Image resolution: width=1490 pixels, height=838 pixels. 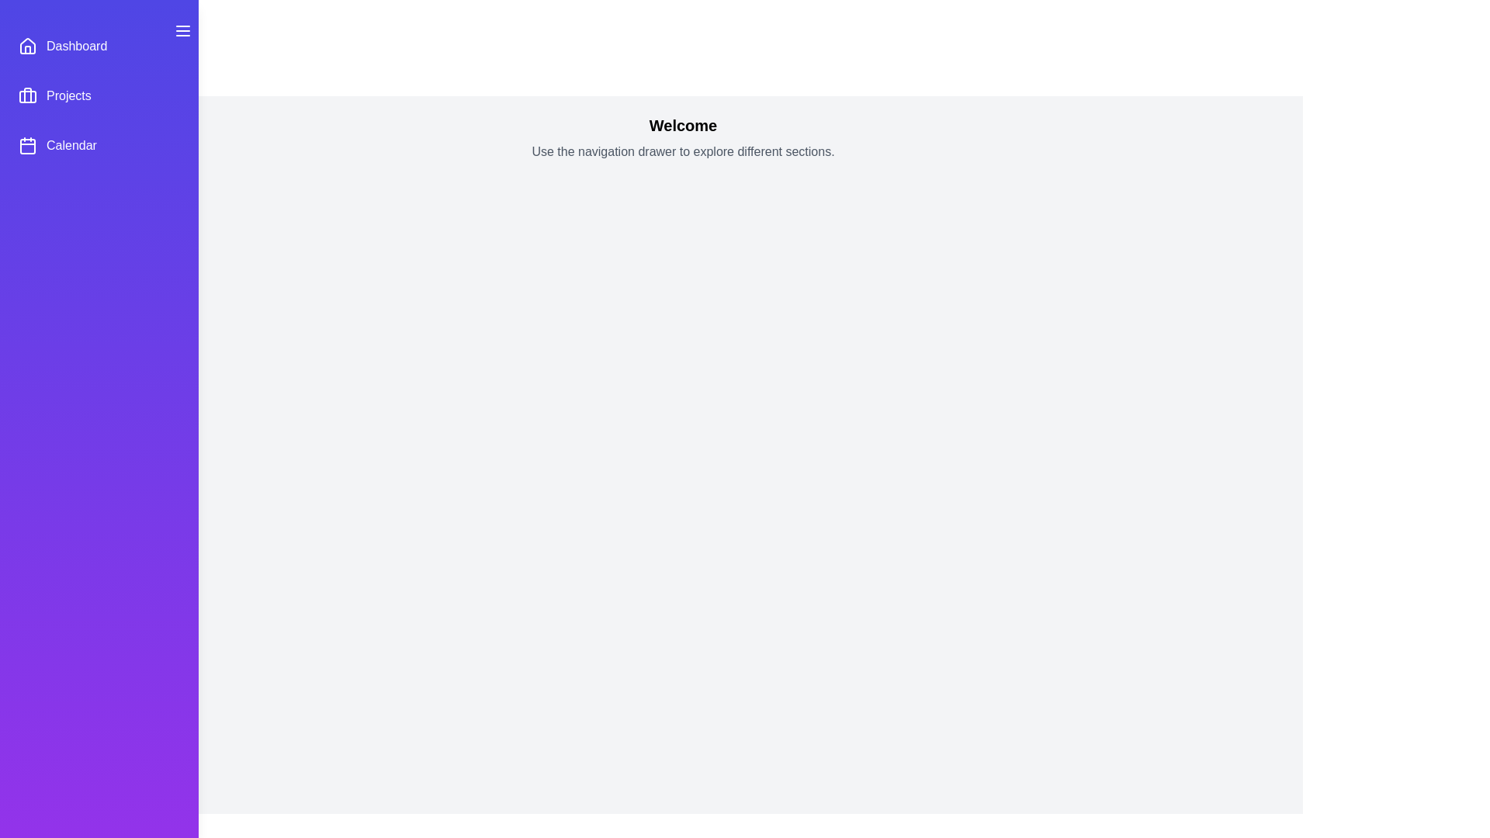 What do you see at coordinates (99, 46) in the screenshot?
I see `the menu item Dashboard from the drawer menu` at bounding box center [99, 46].